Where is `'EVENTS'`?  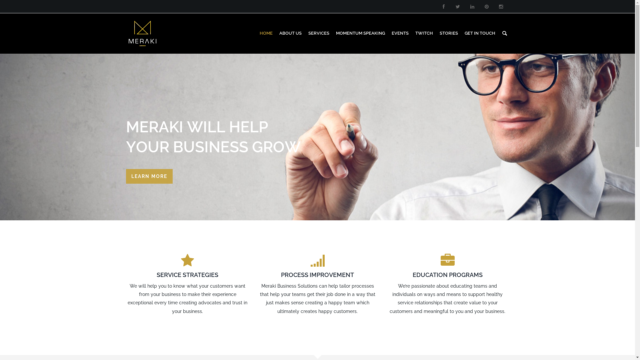
'EVENTS' is located at coordinates (391, 33).